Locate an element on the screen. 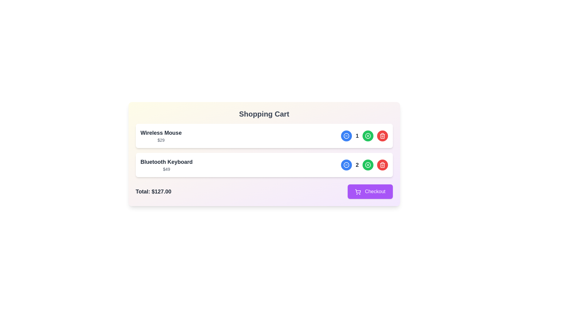 The image size is (582, 327). text content of the label representing the second shopping cart item, which displays the product name and price under the 'Wireless Mouse' entry is located at coordinates (166, 165).